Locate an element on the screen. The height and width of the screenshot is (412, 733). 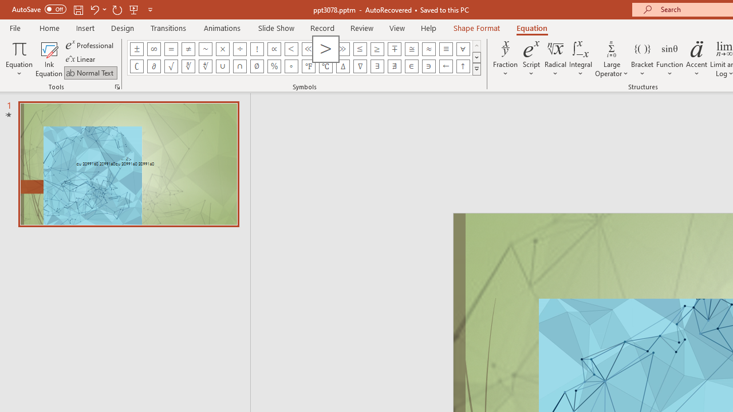
'Equation Symbol Almost Equal To (Asymptotic To)' is located at coordinates (428, 49).